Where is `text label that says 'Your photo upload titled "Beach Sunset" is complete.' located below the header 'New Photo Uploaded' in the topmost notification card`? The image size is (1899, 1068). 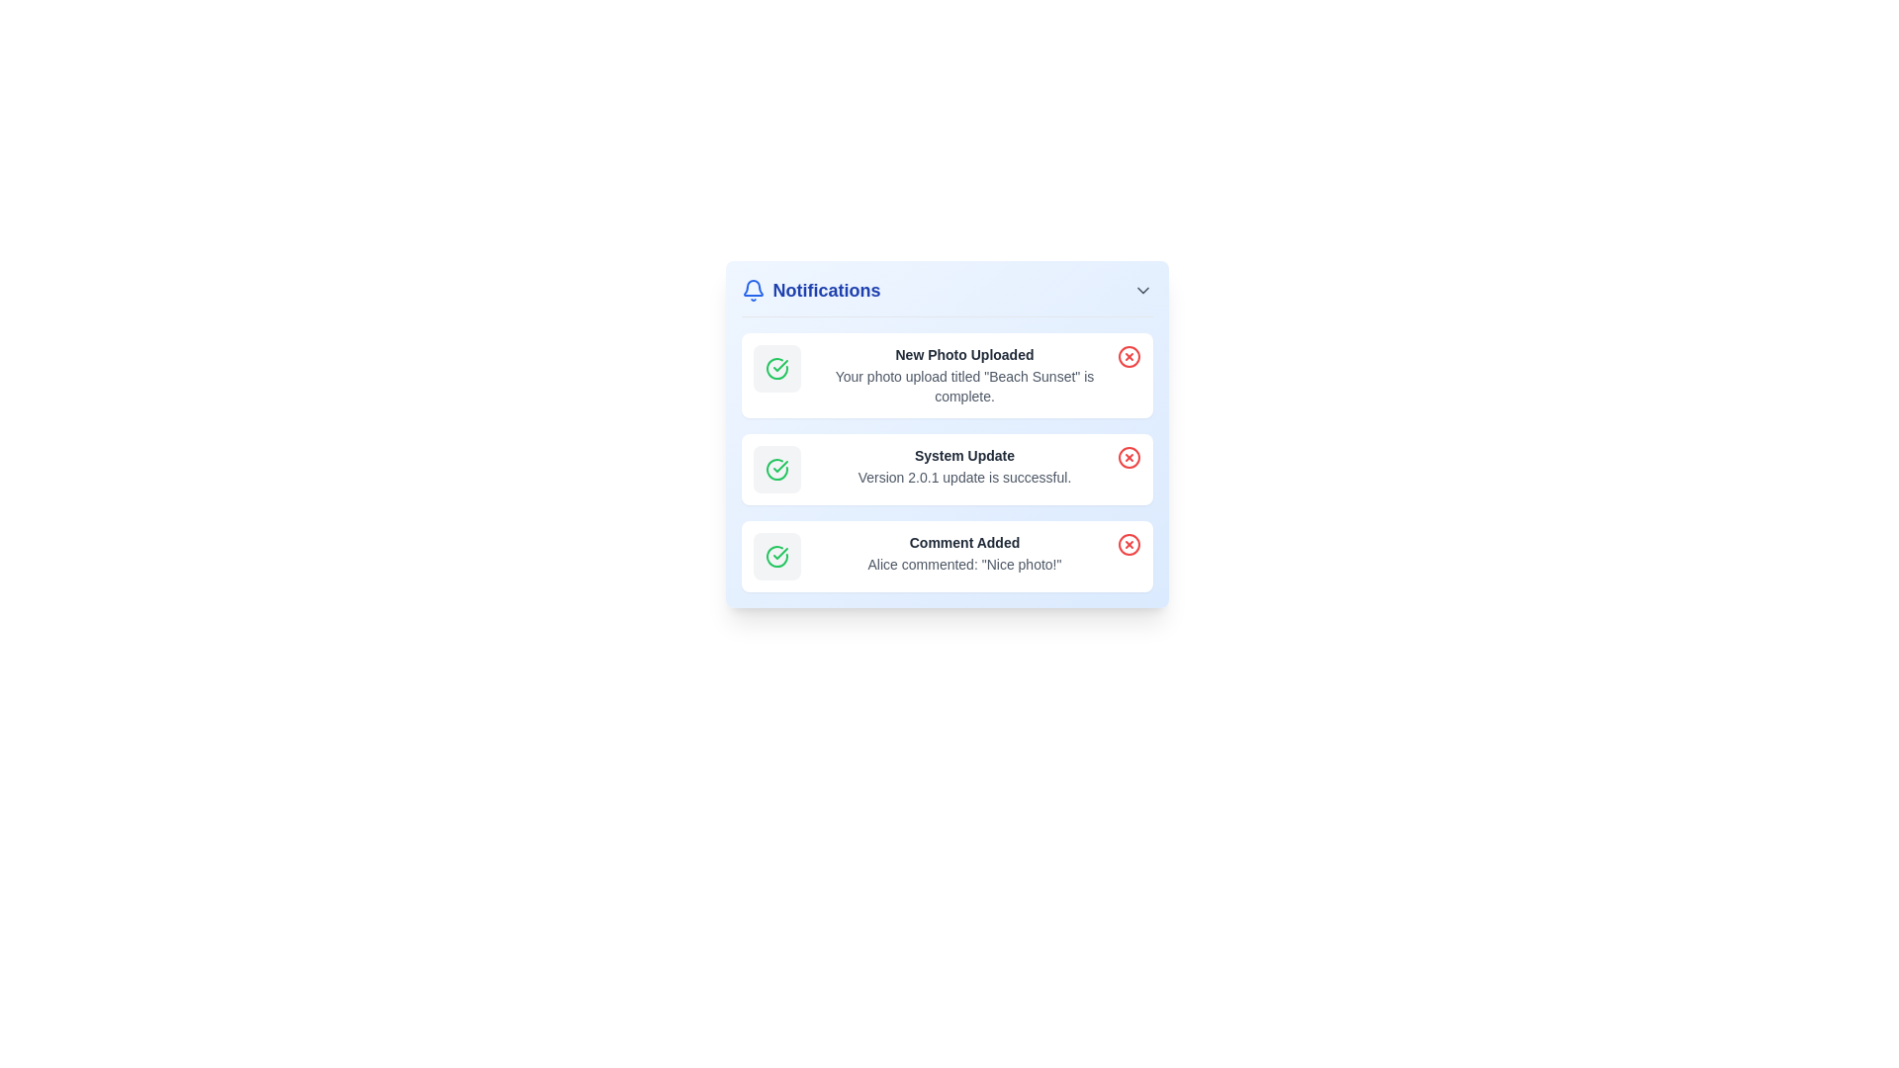
text label that says 'Your photo upload titled "Beach Sunset" is complete.' located below the header 'New Photo Uploaded' in the topmost notification card is located at coordinates (964, 386).